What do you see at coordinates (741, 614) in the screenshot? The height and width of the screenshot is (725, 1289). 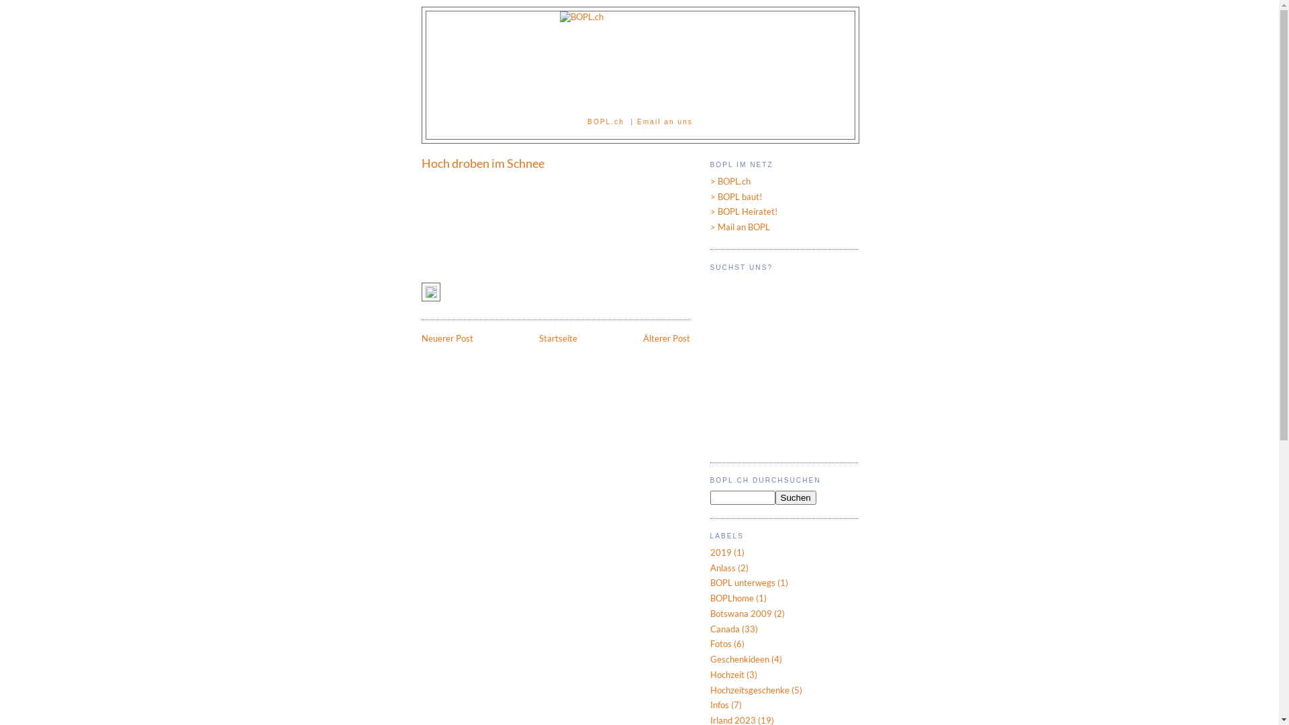 I see `'Botswana 2009'` at bounding box center [741, 614].